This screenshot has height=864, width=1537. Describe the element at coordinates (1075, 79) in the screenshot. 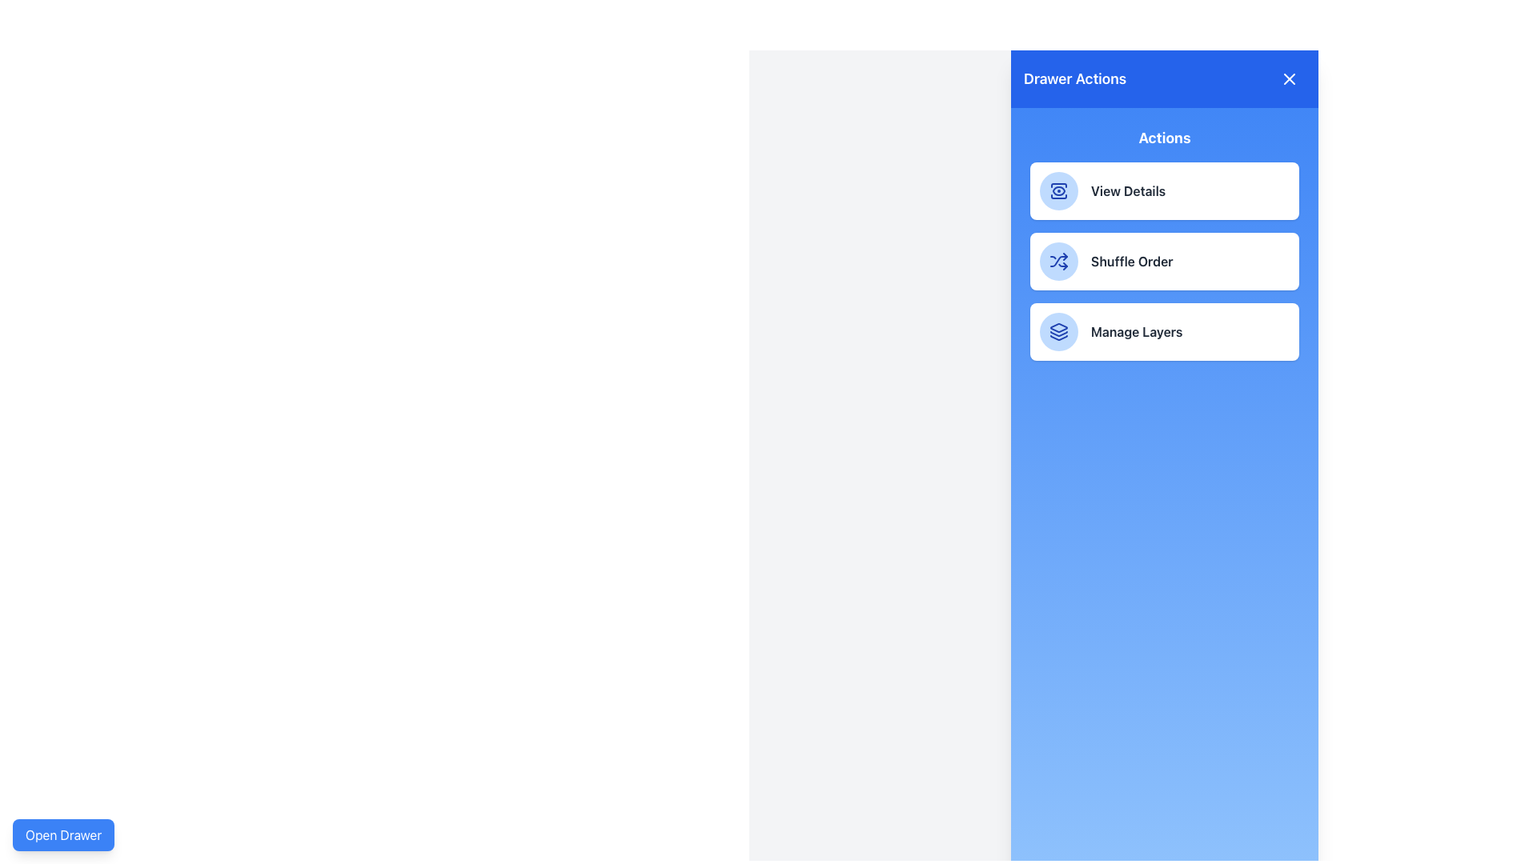

I see `the content of the Text label located in the top header of the drawer component, aligned to the left side and adjacent to the close icon` at that location.